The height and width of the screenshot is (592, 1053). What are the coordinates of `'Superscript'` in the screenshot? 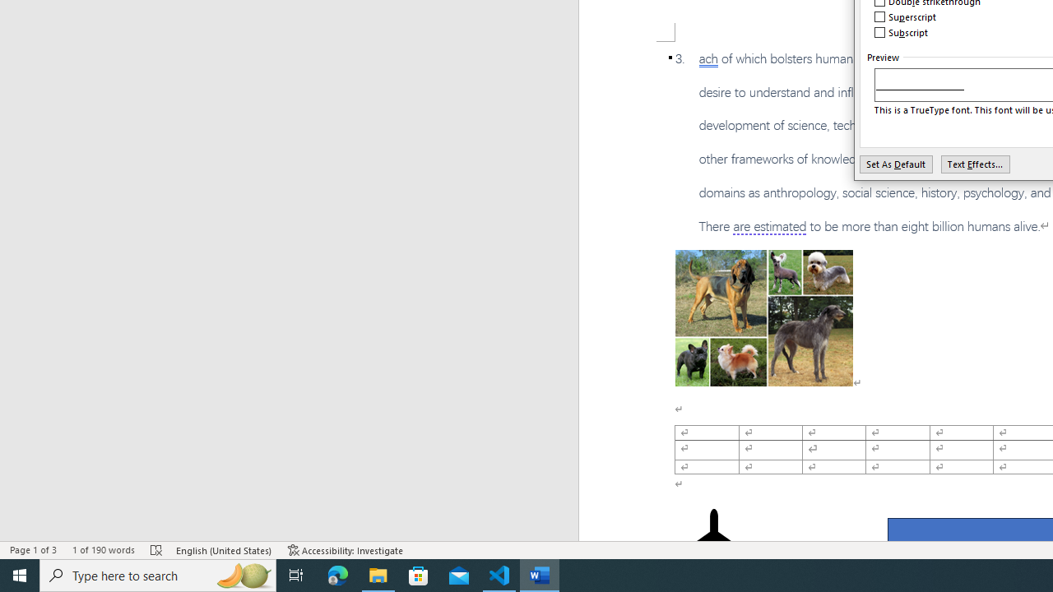 It's located at (905, 16).